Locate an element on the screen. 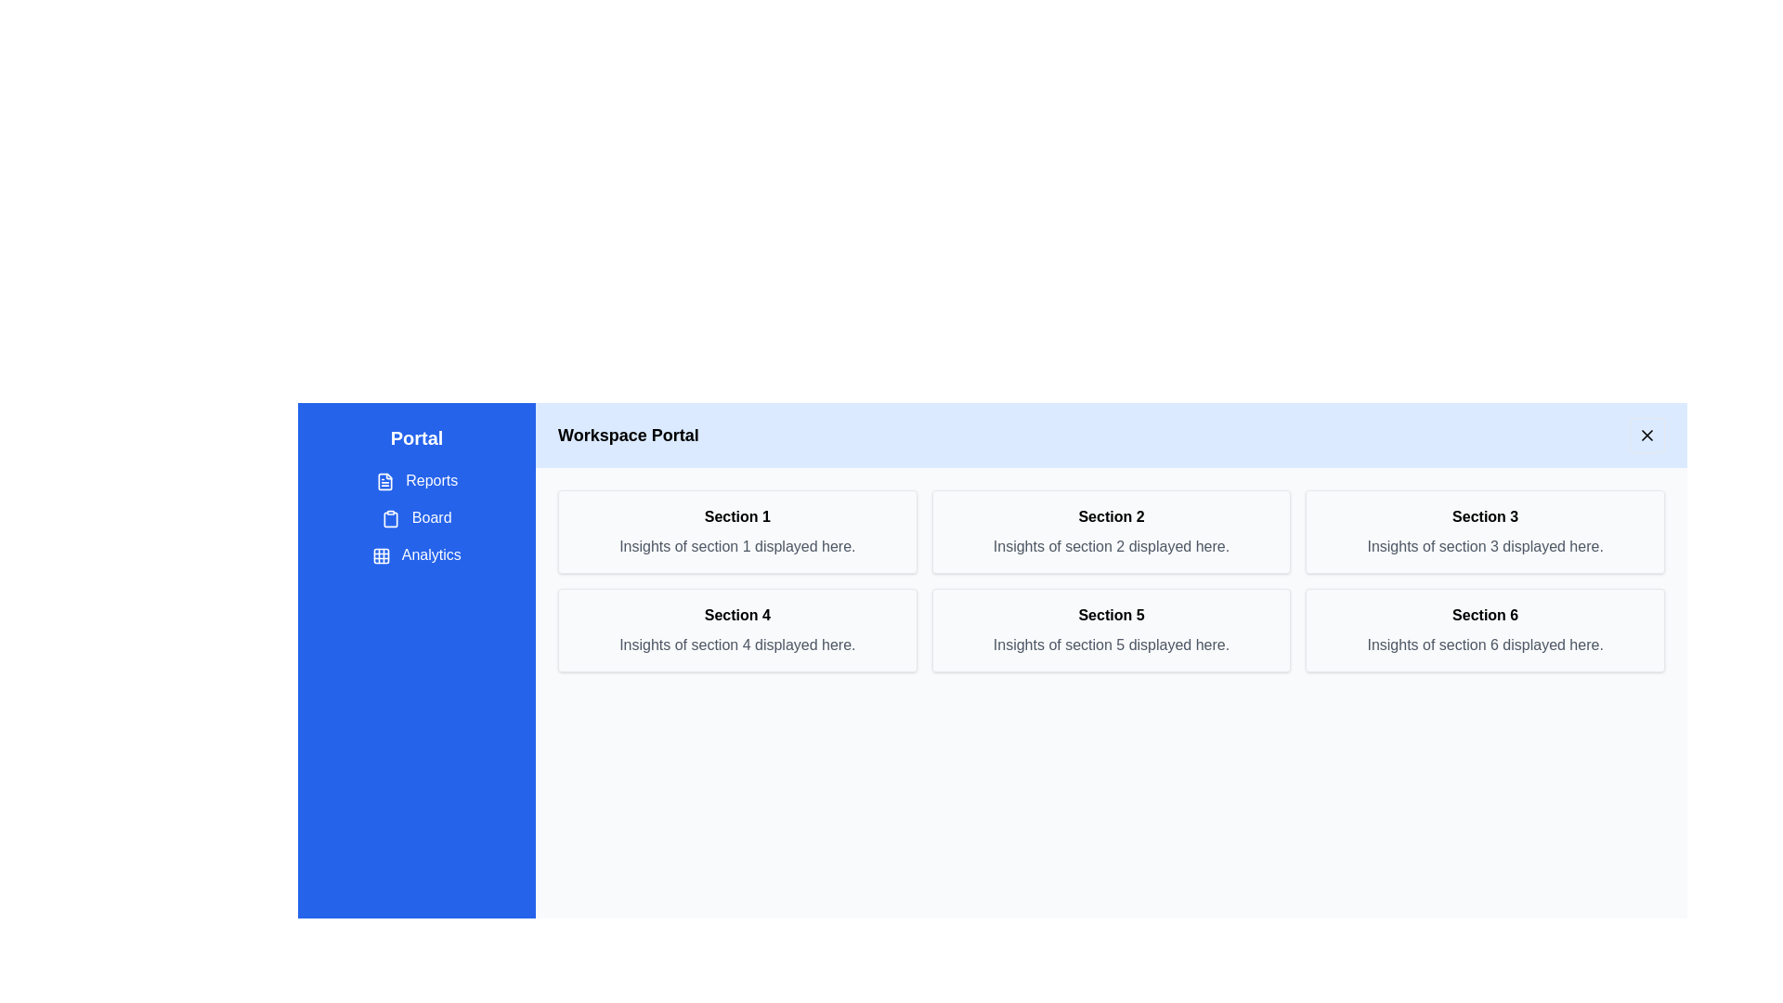 This screenshot has height=1003, width=1783. the Text label that serves as the title for the 'Section 3' block, located in the top-right corner of the main grid arrangement is located at coordinates (1484, 516).